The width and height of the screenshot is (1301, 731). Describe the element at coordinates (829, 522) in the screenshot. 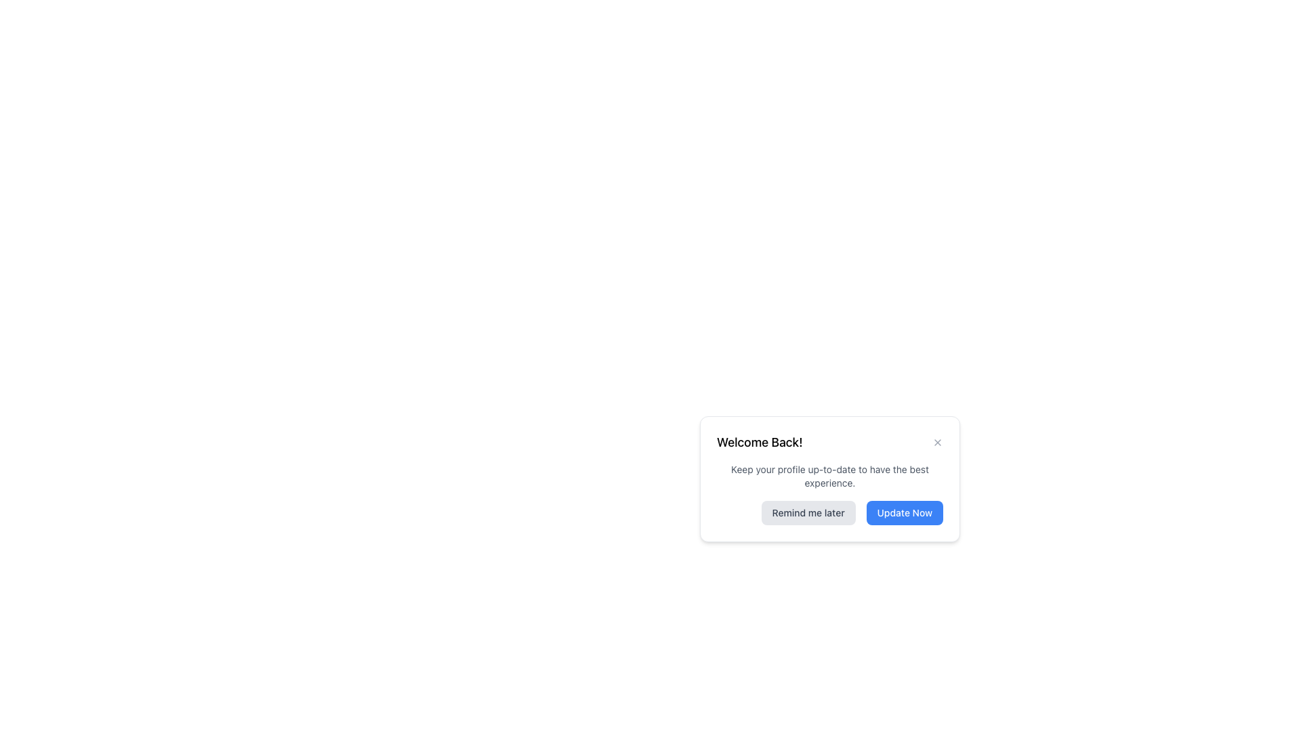

I see `the button located at the bottom left of the modal dialog` at that location.